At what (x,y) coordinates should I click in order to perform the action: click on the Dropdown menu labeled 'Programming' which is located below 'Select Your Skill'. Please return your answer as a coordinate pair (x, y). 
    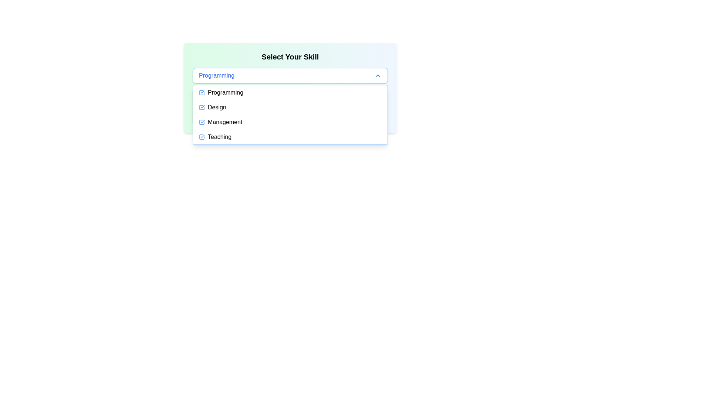
    Looking at the image, I should click on (290, 75).